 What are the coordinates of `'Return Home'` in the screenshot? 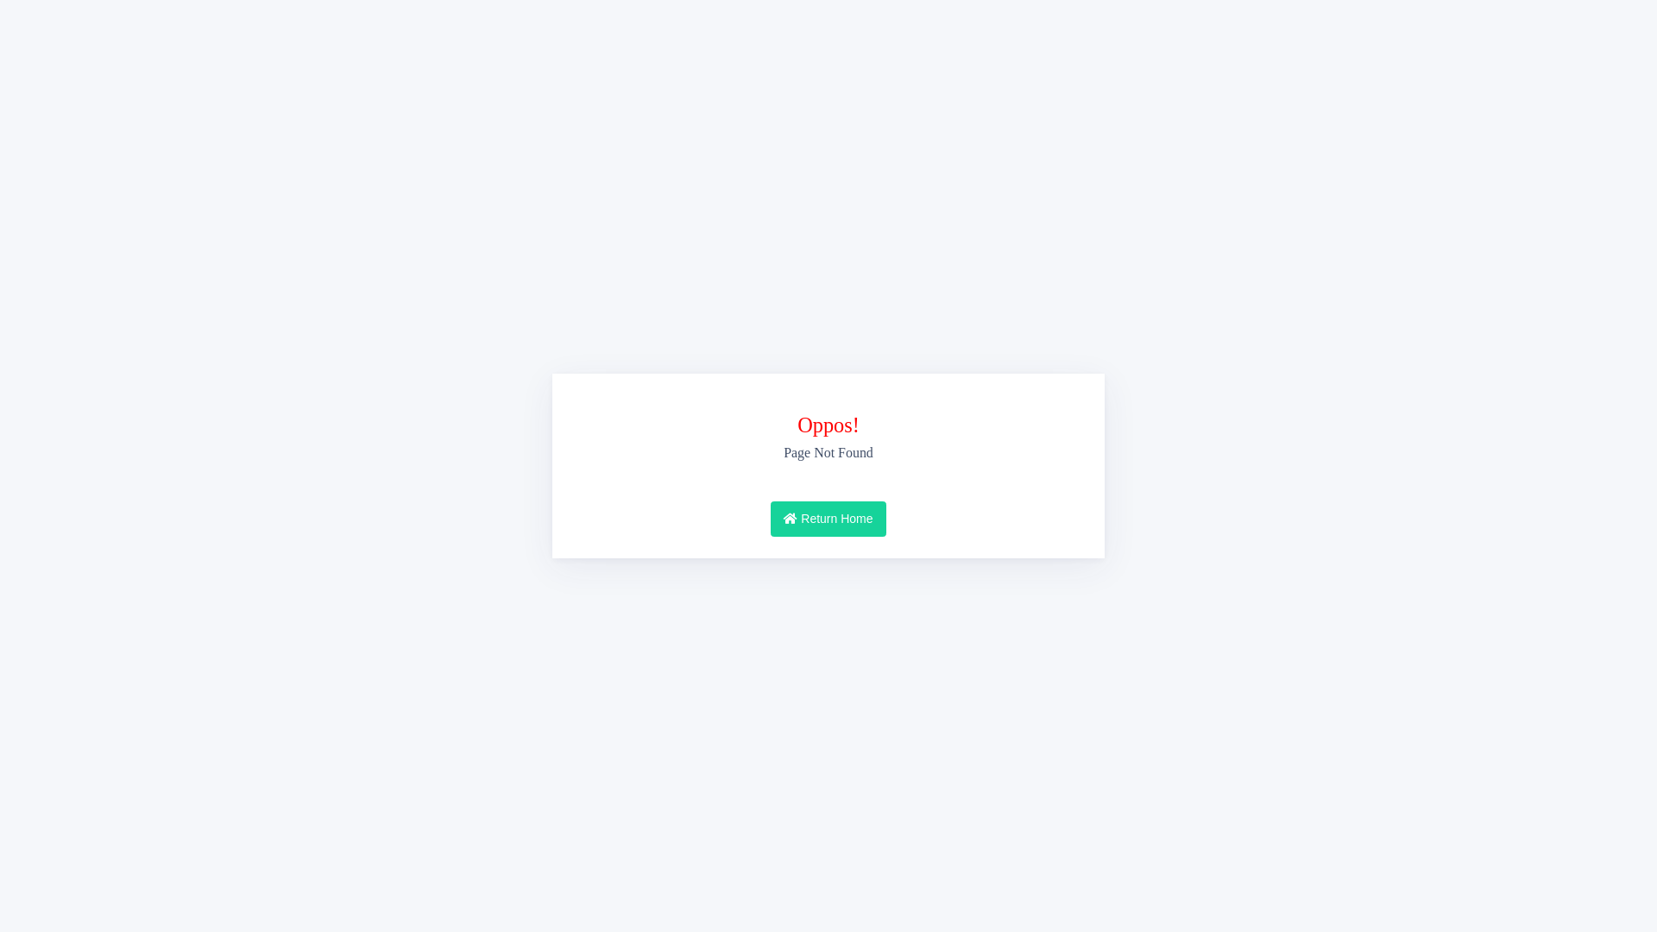 It's located at (827, 518).